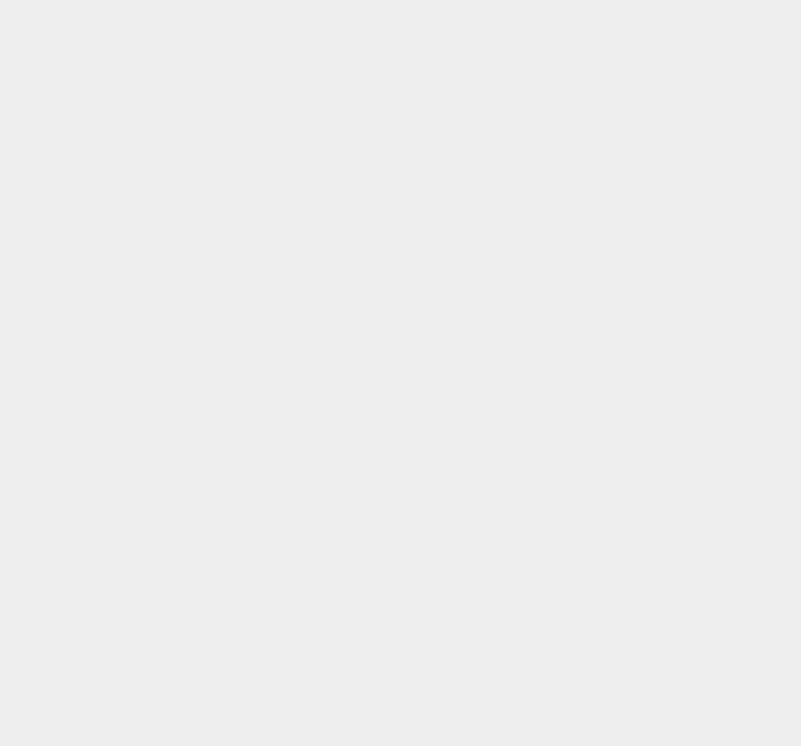 The image size is (801, 746). I want to click on 'Social Media Optimization', so click(622, 683).